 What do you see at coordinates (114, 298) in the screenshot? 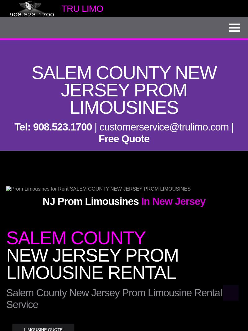
I see `'Salem County New Jersey Prom Limousine Rental Service'` at bounding box center [114, 298].